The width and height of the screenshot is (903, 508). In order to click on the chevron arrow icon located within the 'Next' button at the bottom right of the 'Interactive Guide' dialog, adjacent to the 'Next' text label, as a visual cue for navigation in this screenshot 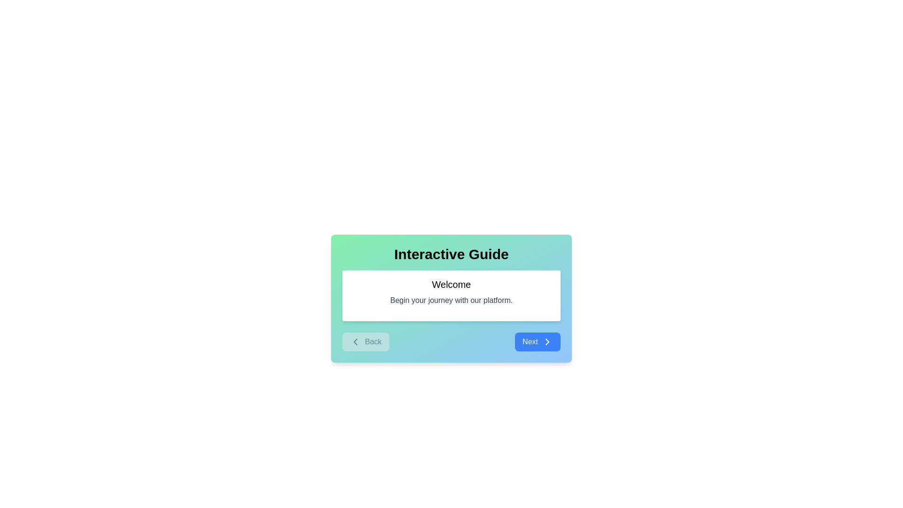, I will do `click(547, 341)`.